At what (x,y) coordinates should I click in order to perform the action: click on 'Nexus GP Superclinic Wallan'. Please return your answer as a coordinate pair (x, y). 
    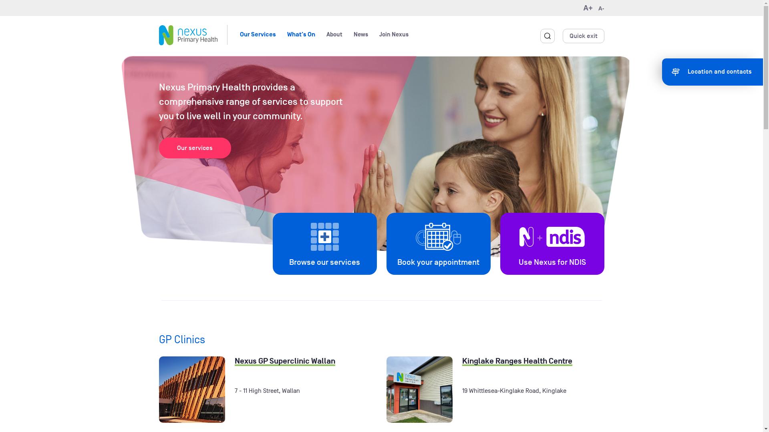
    Looking at the image, I should click on (285, 361).